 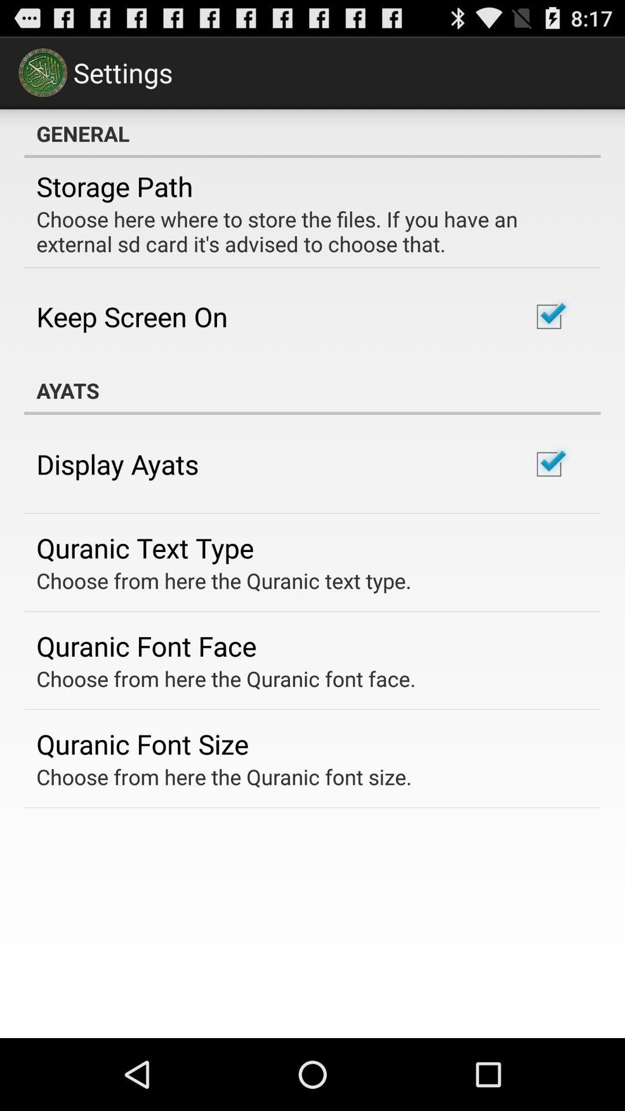 What do you see at coordinates (131, 317) in the screenshot?
I see `item below choose here where item` at bounding box center [131, 317].